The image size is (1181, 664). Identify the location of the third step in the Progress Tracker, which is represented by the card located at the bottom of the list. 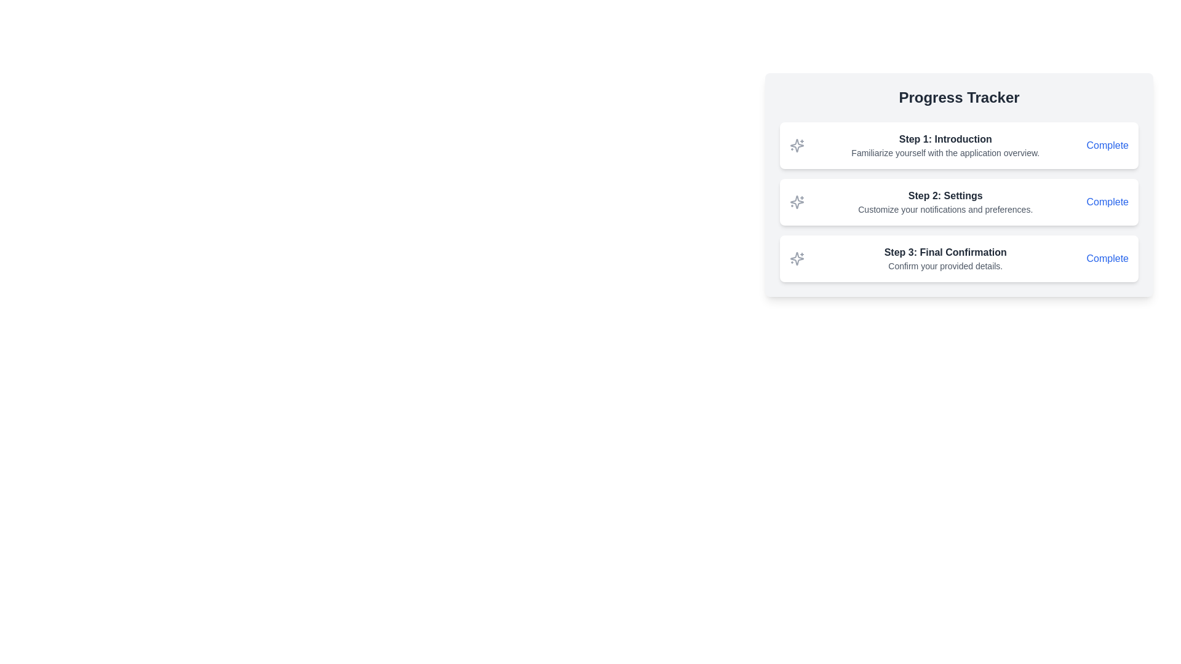
(958, 258).